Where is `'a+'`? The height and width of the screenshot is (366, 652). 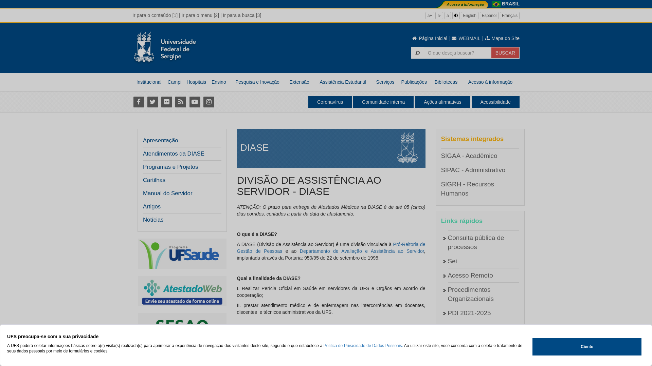 'a+' is located at coordinates (430, 15).